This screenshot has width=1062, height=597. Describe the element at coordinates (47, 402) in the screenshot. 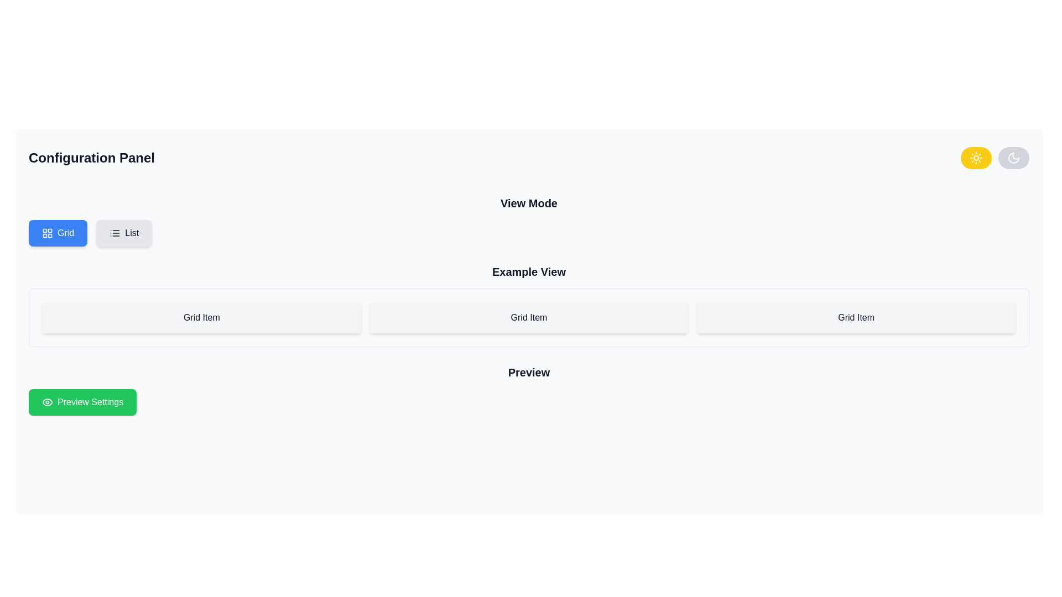

I see `the eye-shaped icon located inside the green button labeled 'Preview Settings' at the bottom-left side of the interface` at that location.